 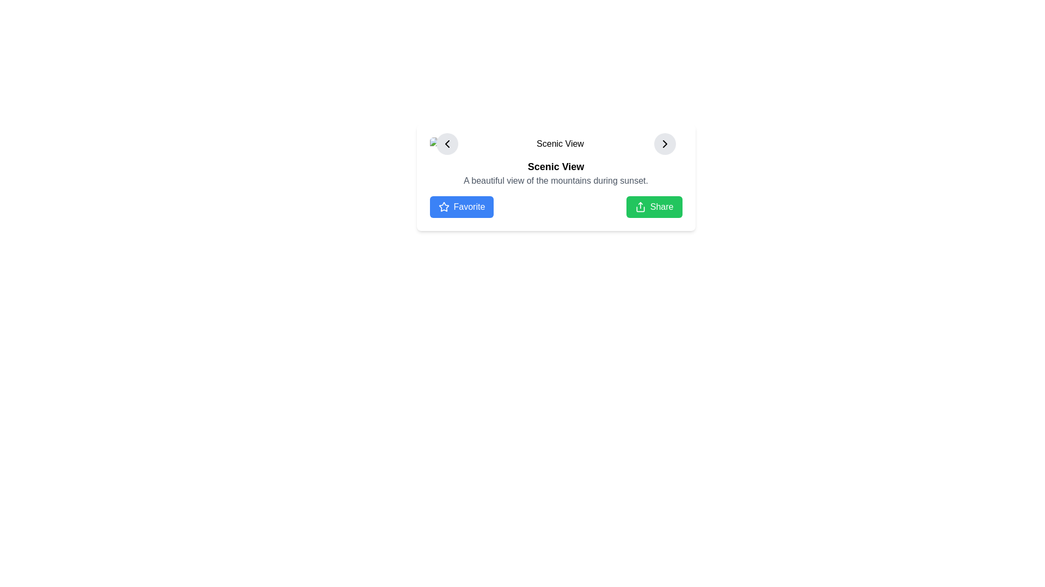 What do you see at coordinates (556, 180) in the screenshot?
I see `the Text Label that provides supplementary information to the title 'Scenic View', positioned directly beneath it, centered horizontally` at bounding box center [556, 180].